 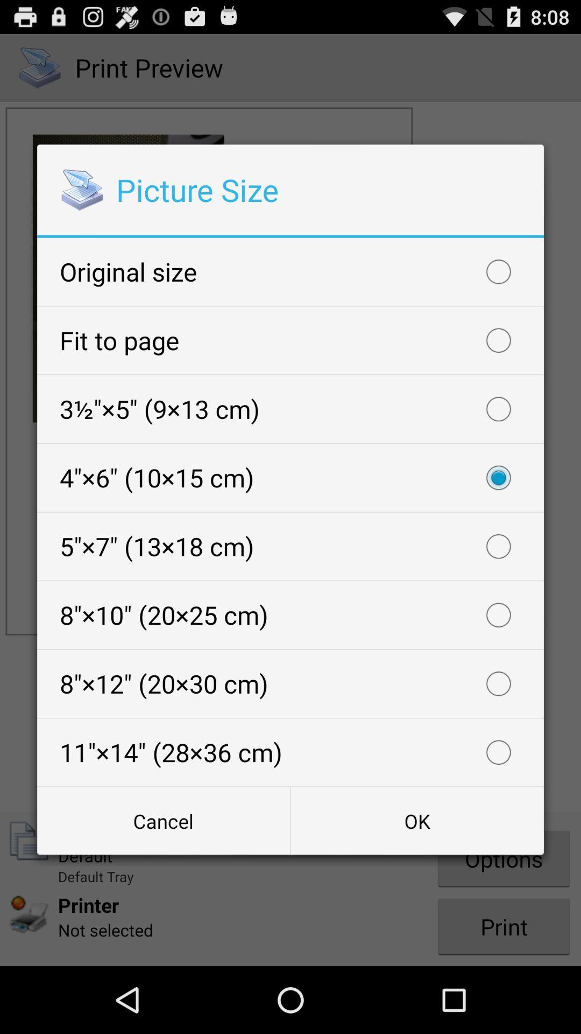 I want to click on cancel icon, so click(x=164, y=820).